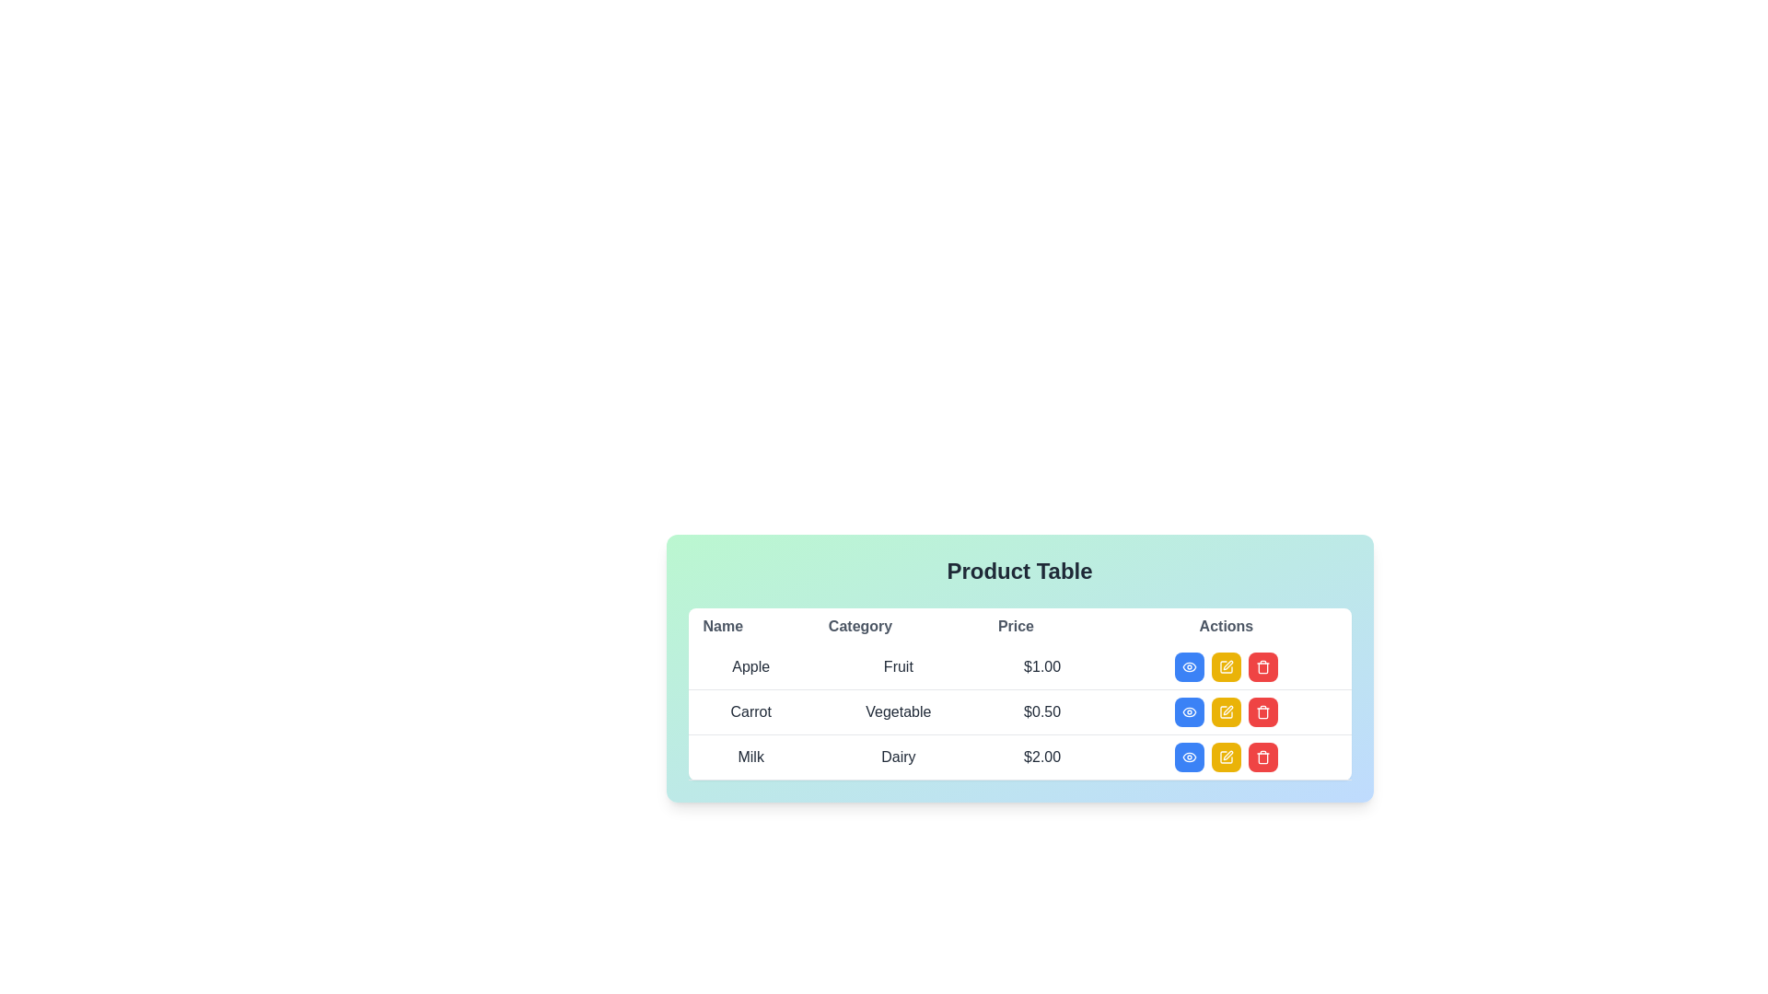 The image size is (1768, 994). I want to click on the 'Vegetable' text label located in the second row of the table under the header 'Category', which is situated between 'Carrot' and the price '$0.50', so click(898, 711).